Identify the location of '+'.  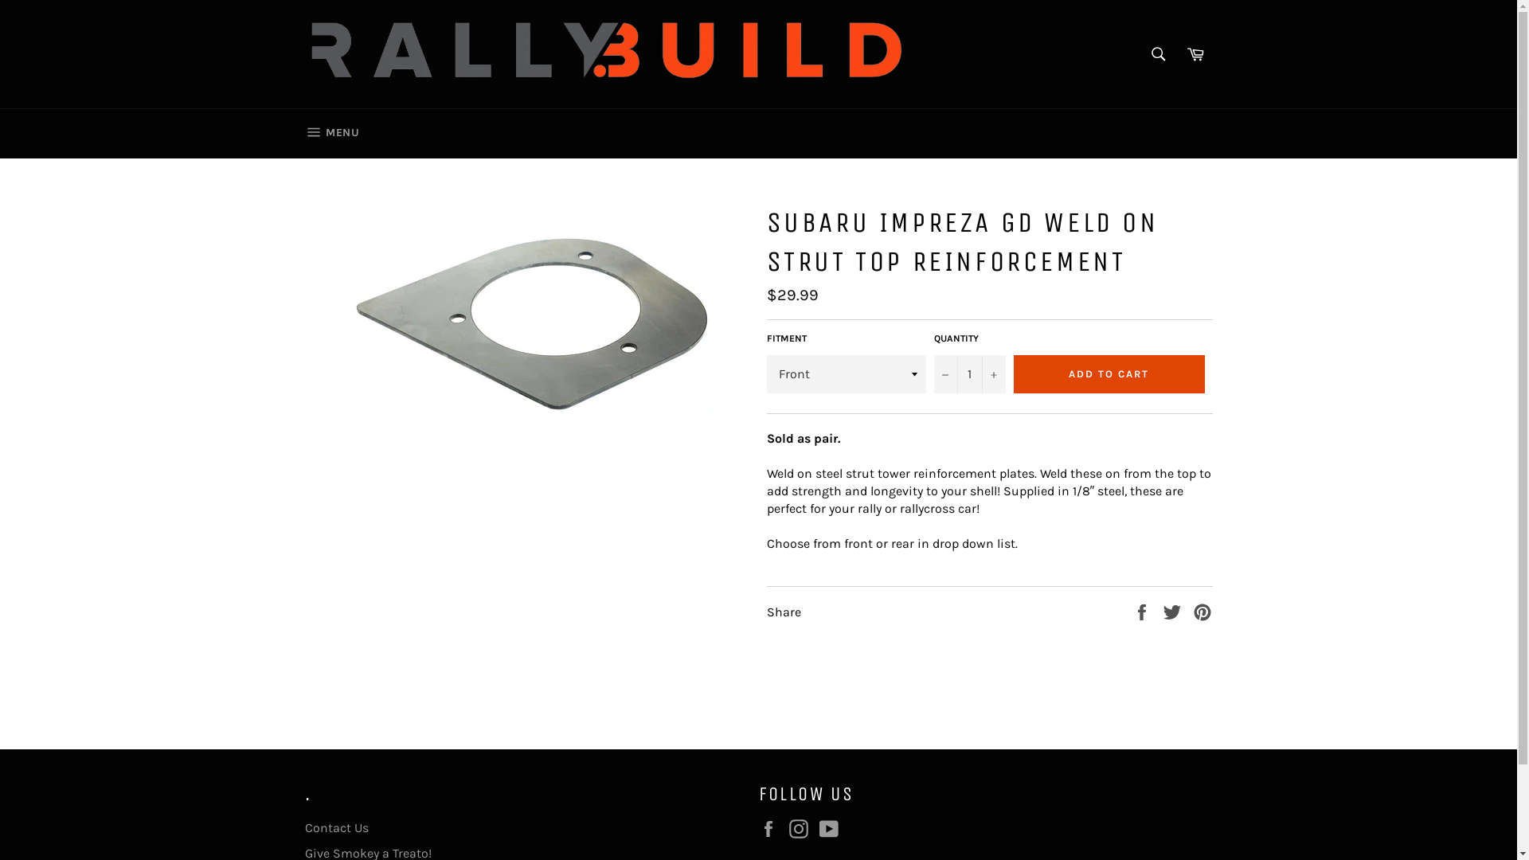
(980, 374).